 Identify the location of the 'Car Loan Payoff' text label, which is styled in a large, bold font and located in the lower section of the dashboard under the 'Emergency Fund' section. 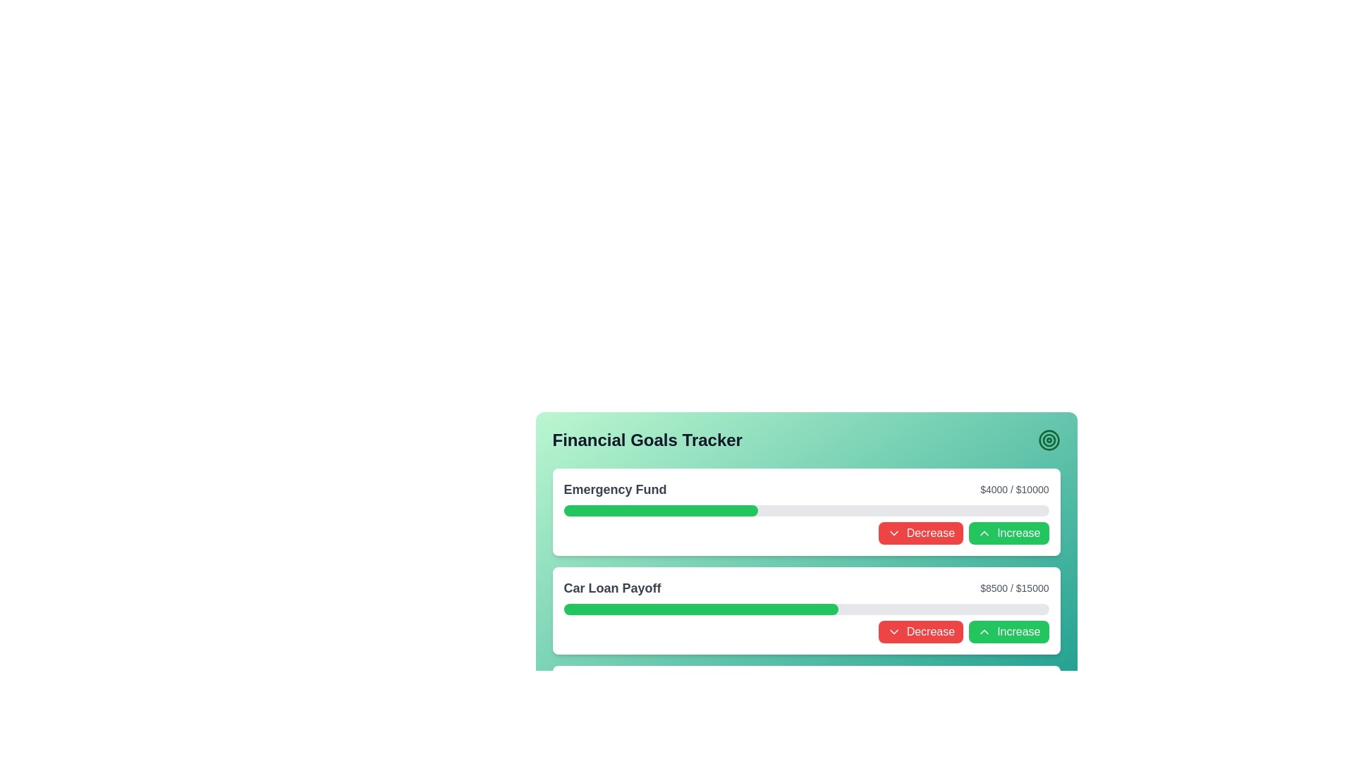
(612, 588).